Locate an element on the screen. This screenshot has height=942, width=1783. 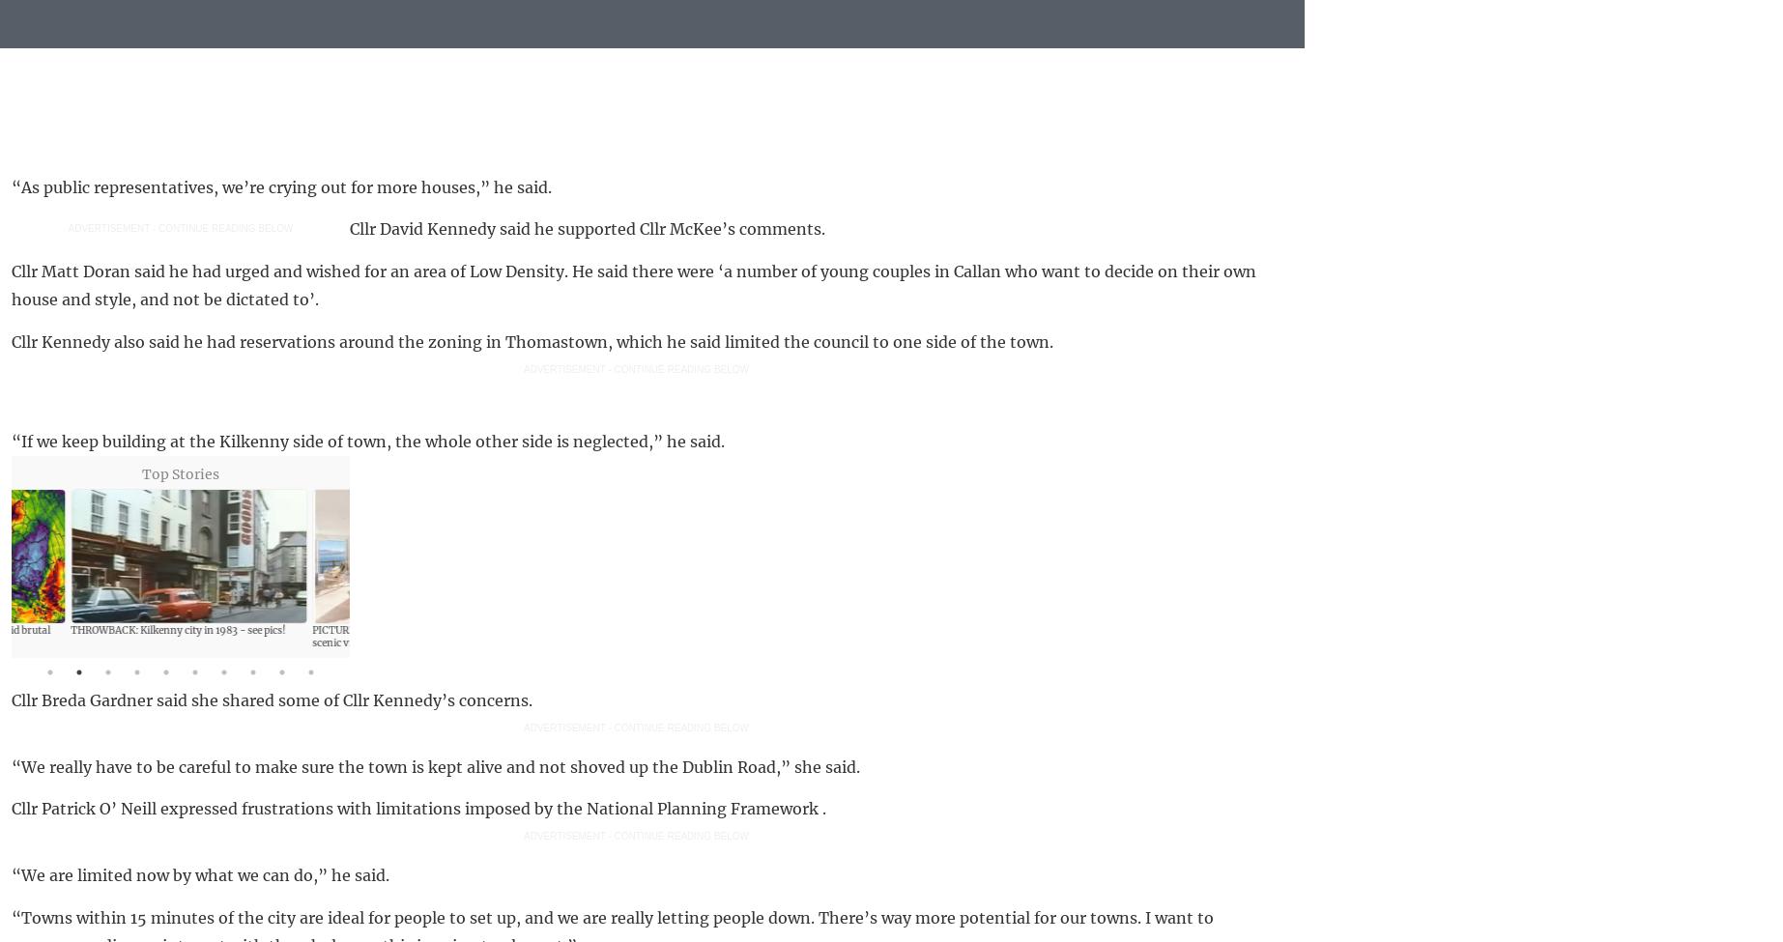
'“If we keep building at the Kilkenny side of town, the whole other side is neglected,” he said.' is located at coordinates (366, 441).